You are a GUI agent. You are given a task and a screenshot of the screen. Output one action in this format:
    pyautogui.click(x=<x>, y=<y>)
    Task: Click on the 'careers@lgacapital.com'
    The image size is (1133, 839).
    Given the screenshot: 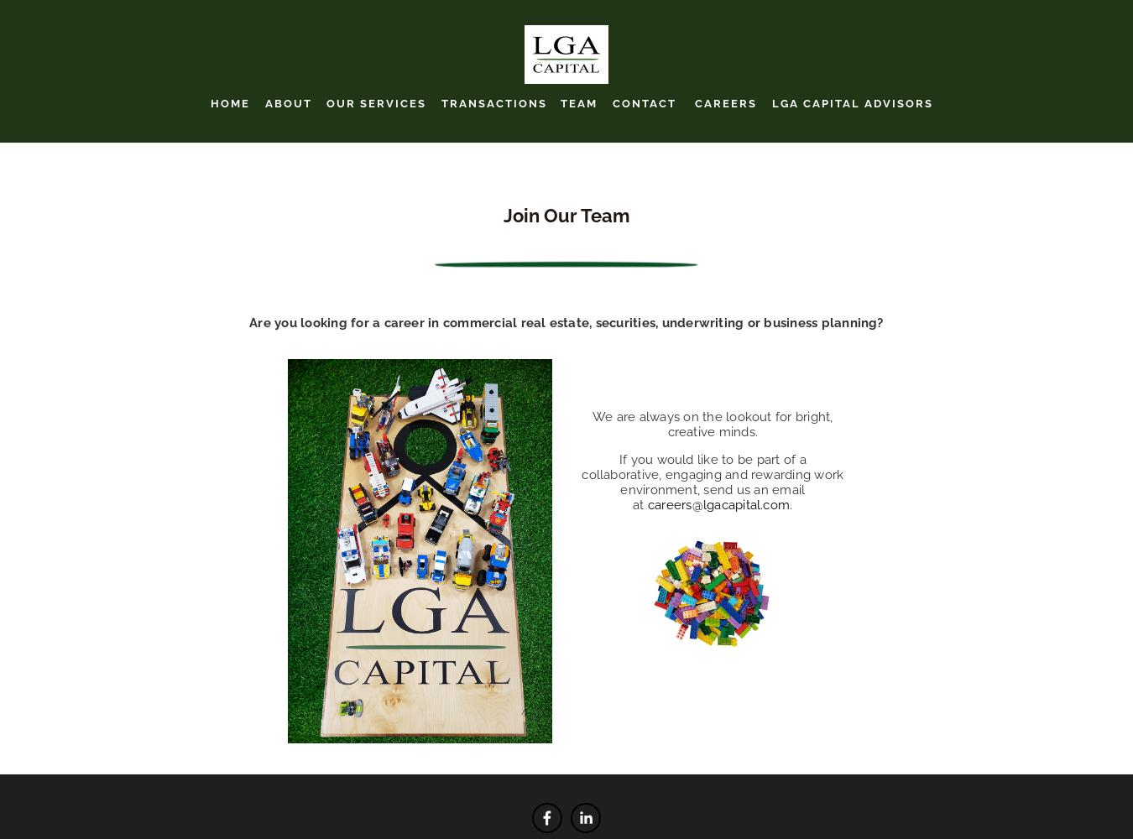 What is the action you would take?
    pyautogui.click(x=718, y=503)
    